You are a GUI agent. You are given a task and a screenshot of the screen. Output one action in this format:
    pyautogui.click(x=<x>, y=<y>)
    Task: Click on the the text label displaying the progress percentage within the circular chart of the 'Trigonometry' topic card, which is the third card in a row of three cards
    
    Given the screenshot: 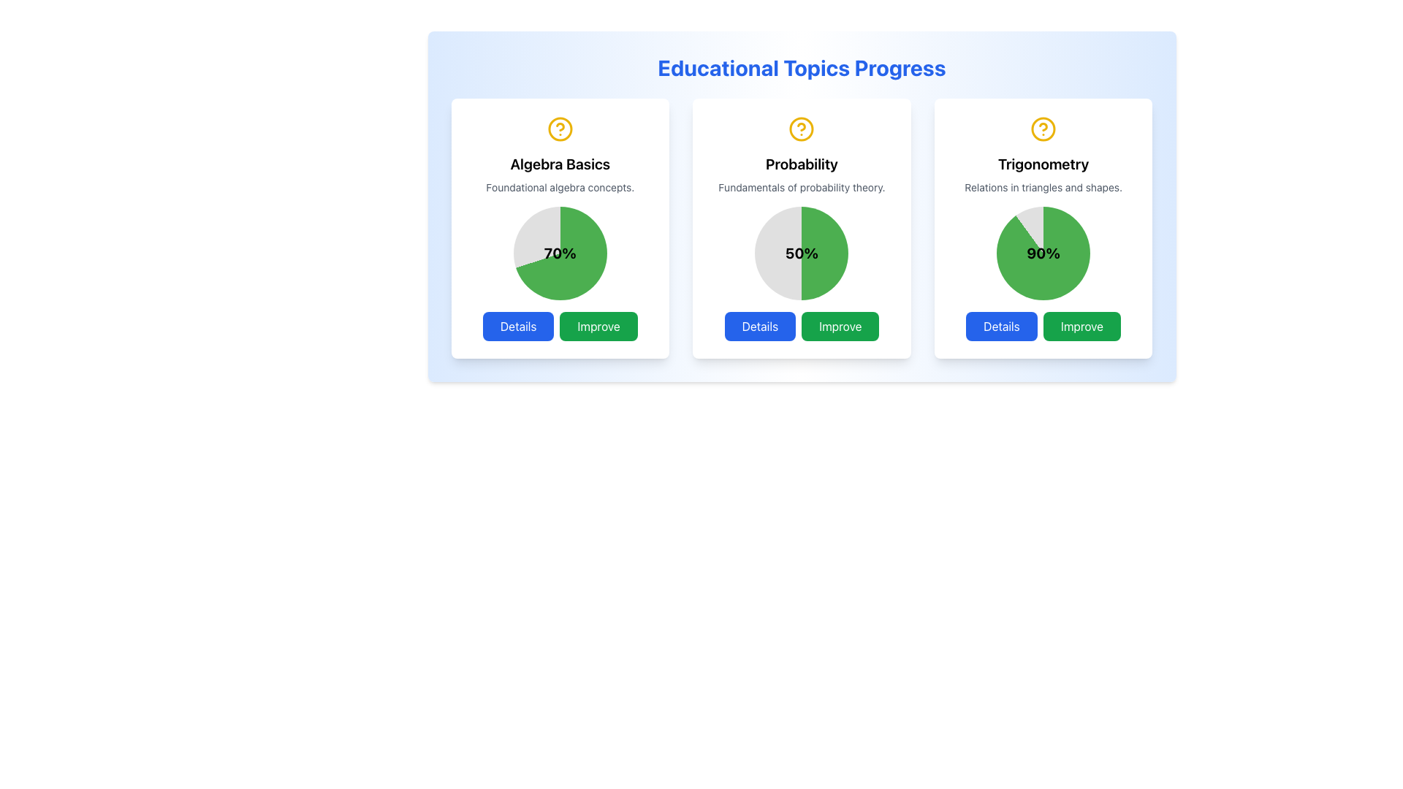 What is the action you would take?
    pyautogui.click(x=1043, y=253)
    